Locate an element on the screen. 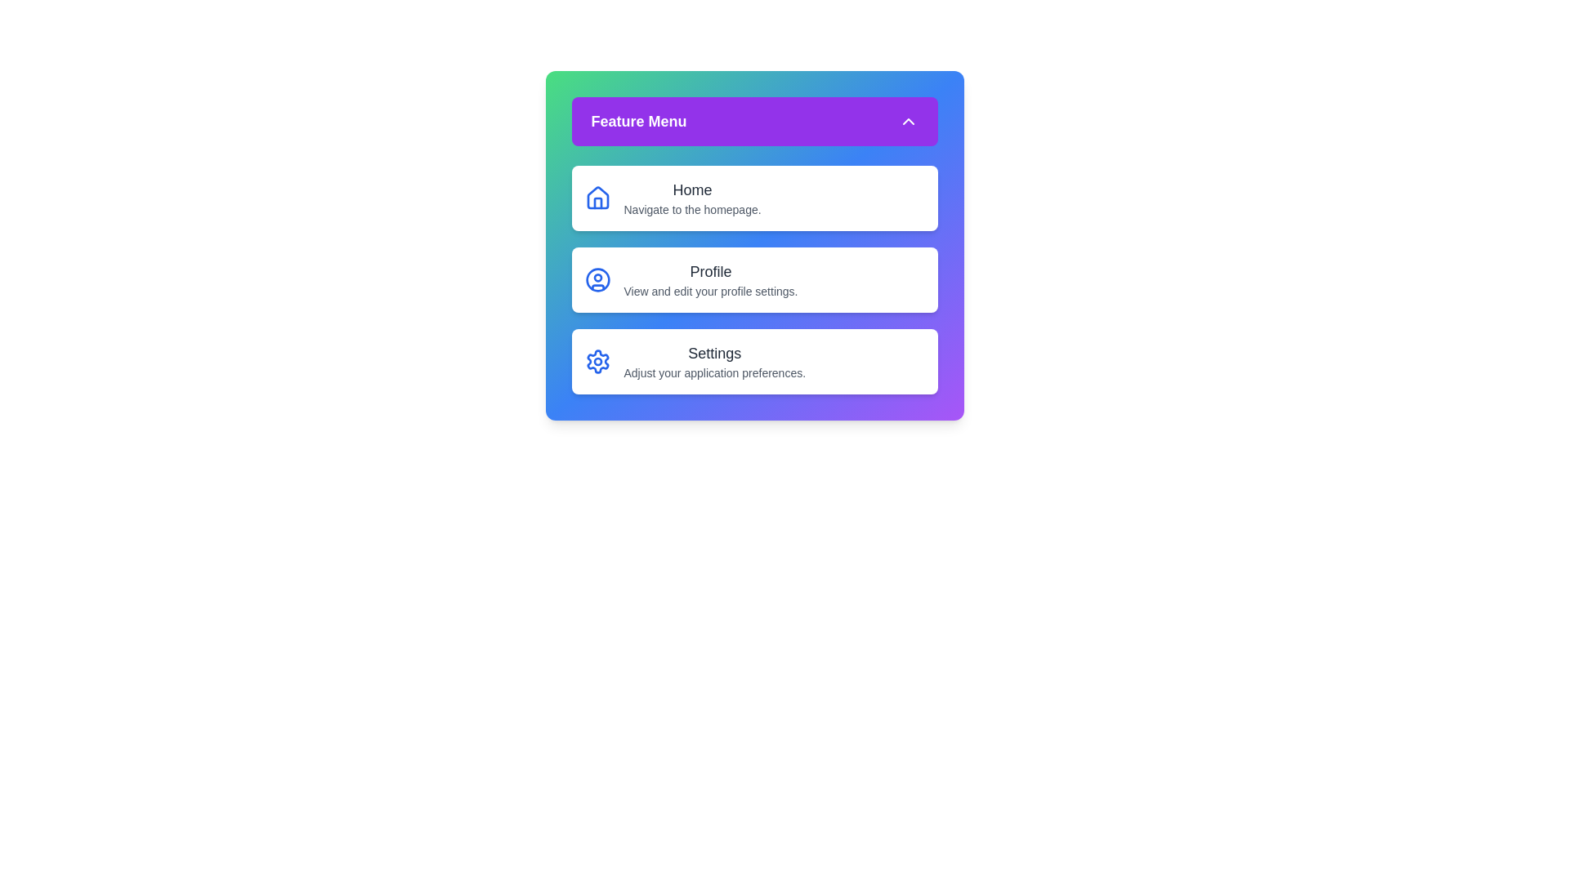  the Feature Menu button to toggle the menu visibility is located at coordinates (753, 121).